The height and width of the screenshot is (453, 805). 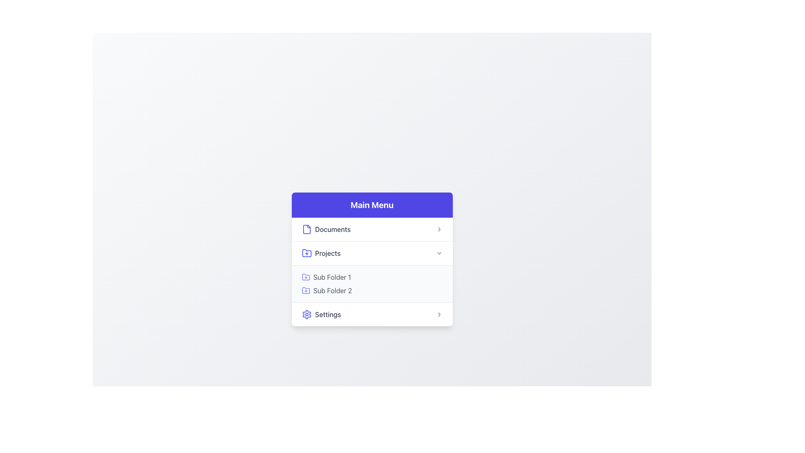 I want to click on displayed text from the Header or Title Bar of the dropdown menu located at the upper-center region, which serves as the main context for the items listed below it, so click(x=371, y=205).